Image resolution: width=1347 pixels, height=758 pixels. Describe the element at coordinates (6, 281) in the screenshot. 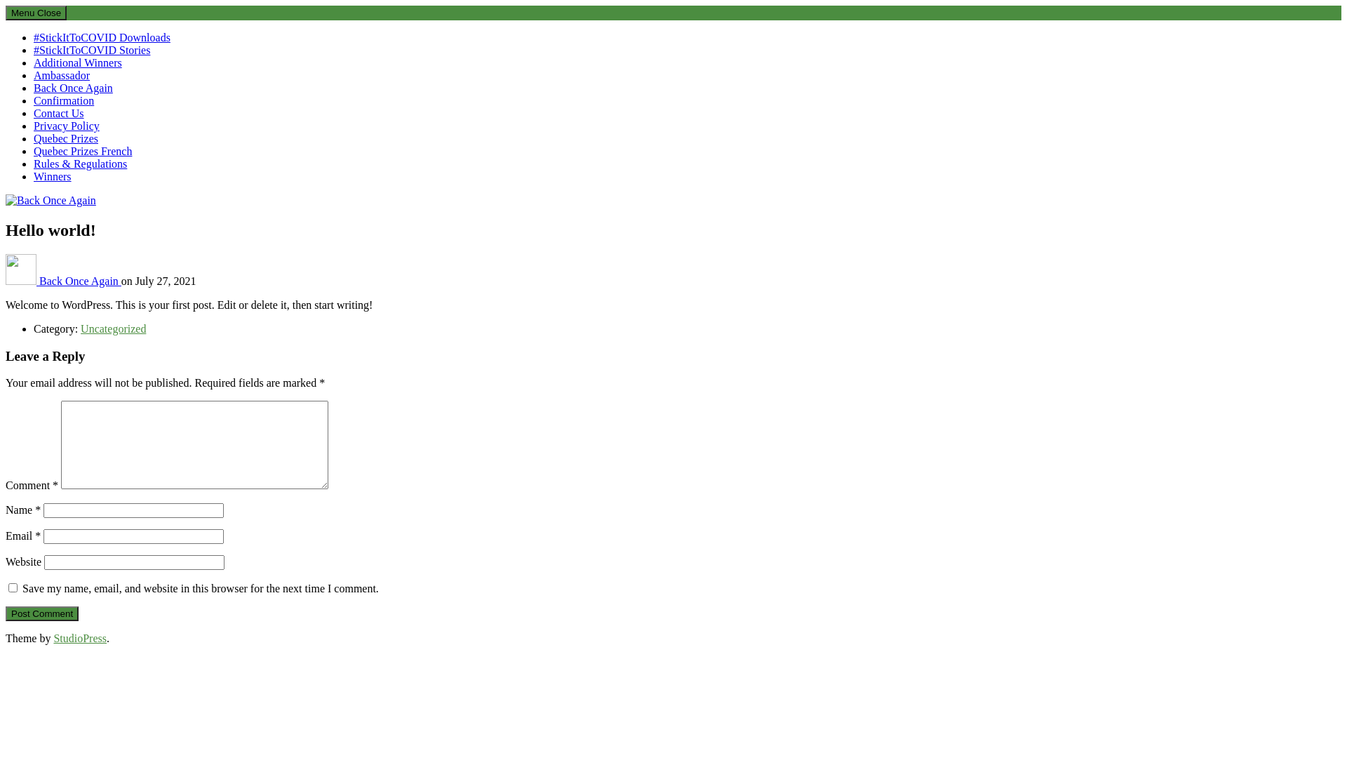

I see `'Posts by Back Once Again'` at that location.